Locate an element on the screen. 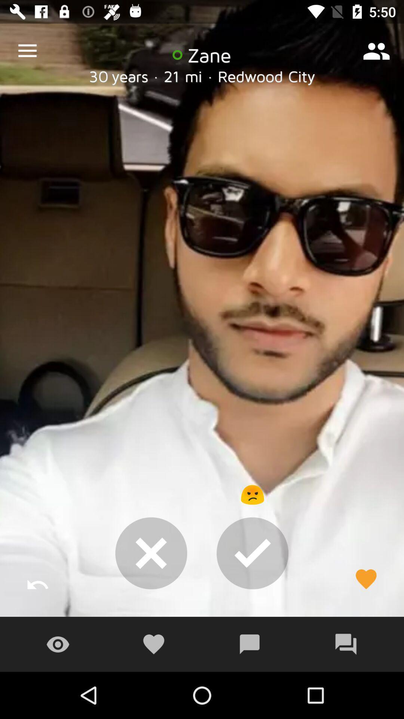 This screenshot has width=404, height=719. the check icon is located at coordinates (252, 553).